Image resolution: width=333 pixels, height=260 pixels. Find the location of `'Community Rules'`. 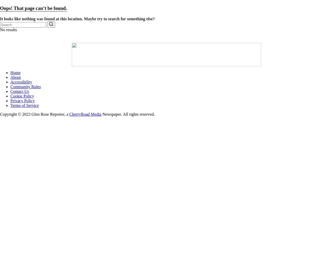

'Community Rules' is located at coordinates (25, 86).